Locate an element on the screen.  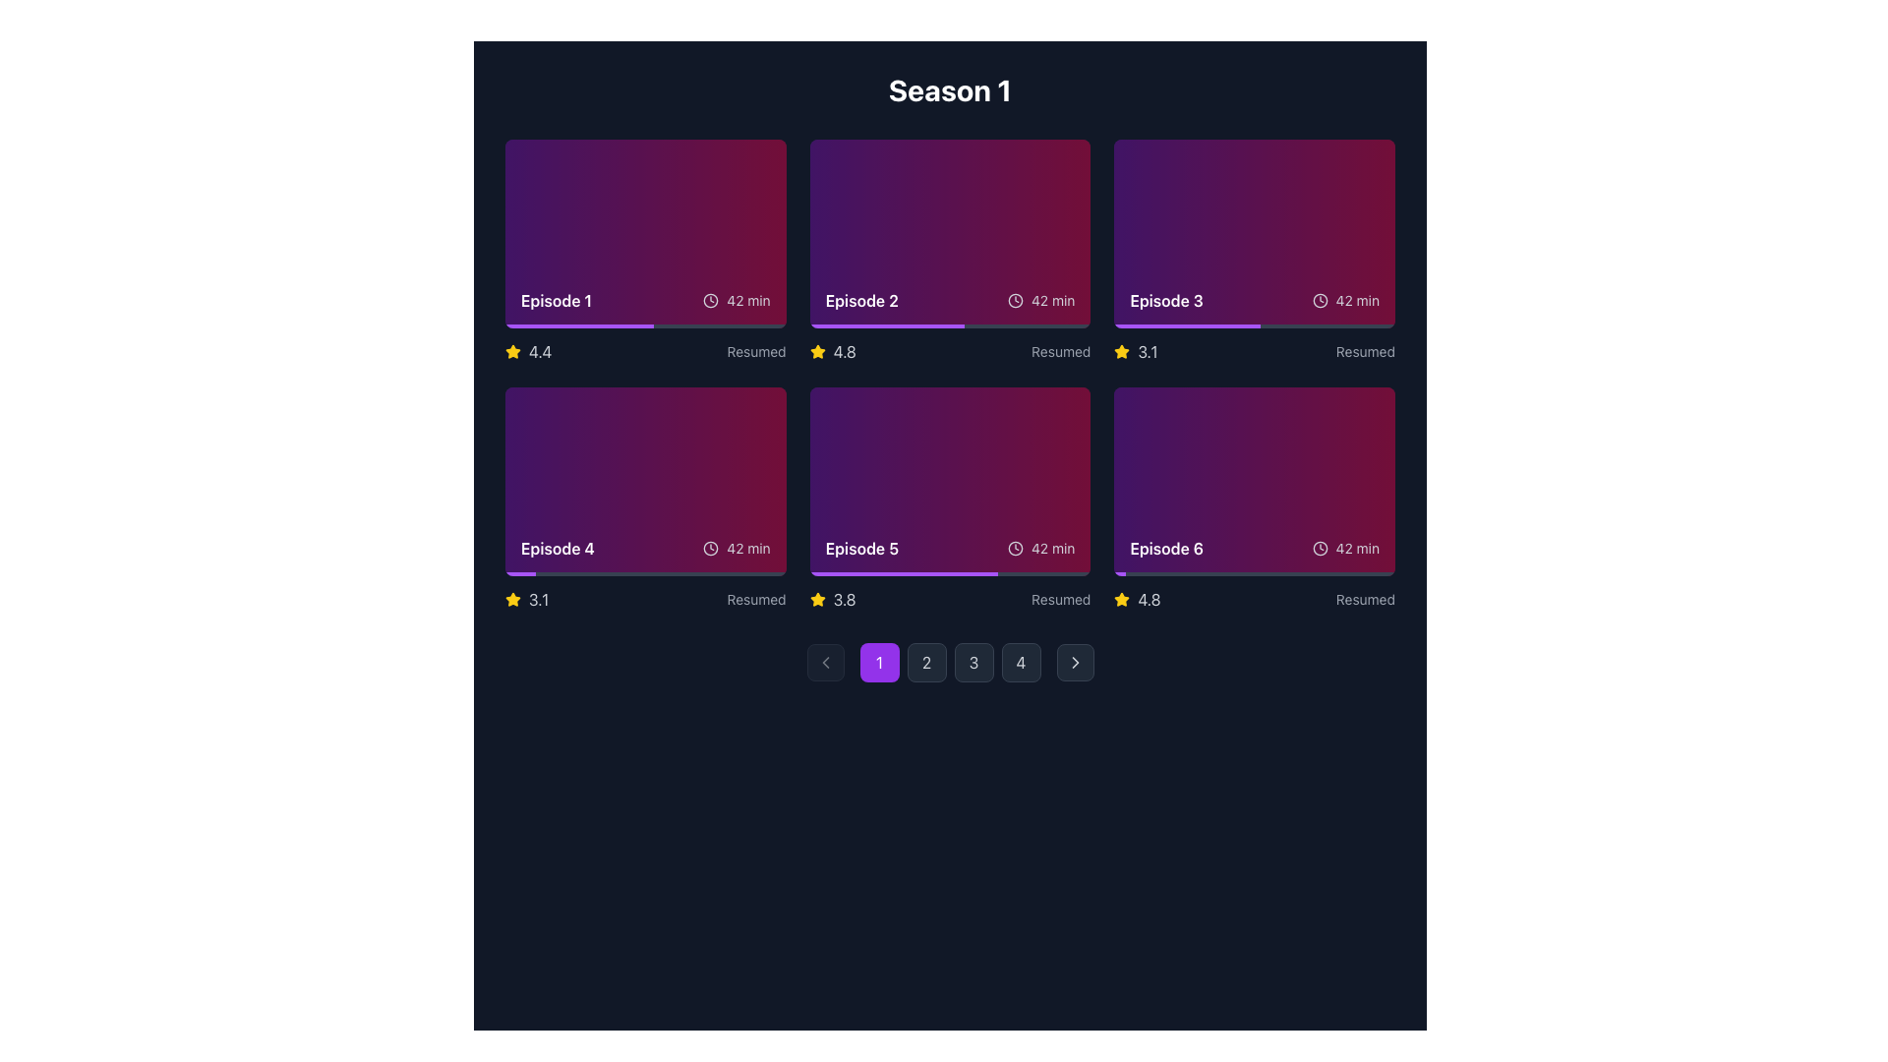
the text label displaying 'Episode 6' in bold white font is located at coordinates (1166, 549).